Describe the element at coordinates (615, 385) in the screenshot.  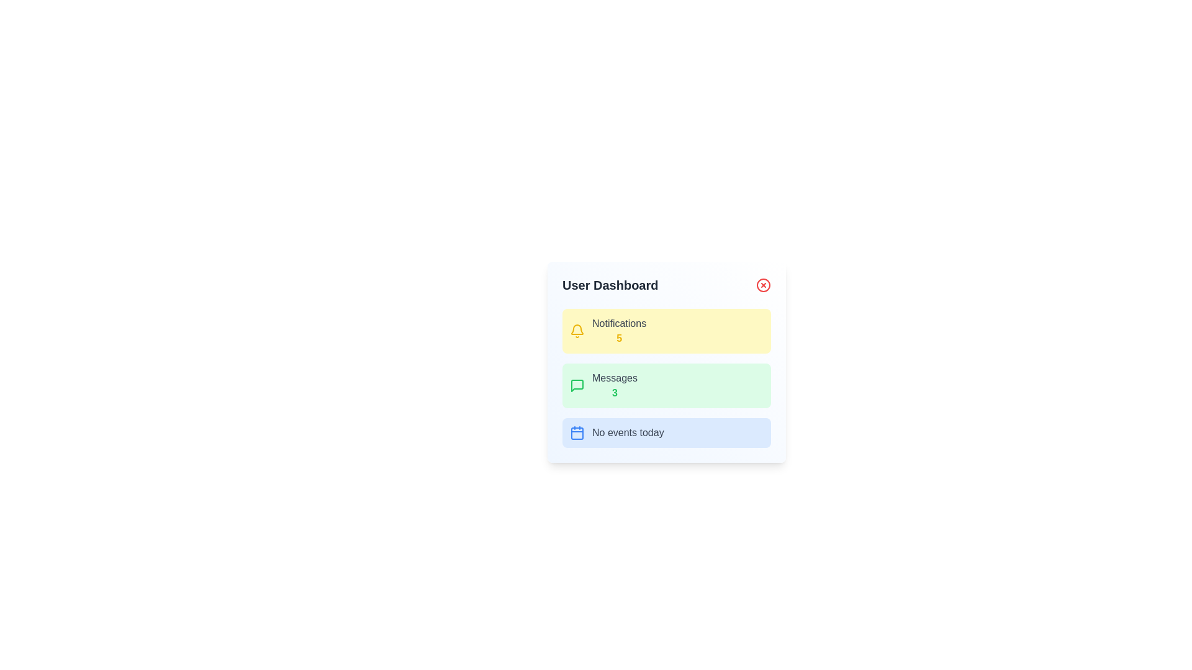
I see `the 'Messages' informational text displaying the count '3' in the second card of the 'User Dashboard'` at that location.